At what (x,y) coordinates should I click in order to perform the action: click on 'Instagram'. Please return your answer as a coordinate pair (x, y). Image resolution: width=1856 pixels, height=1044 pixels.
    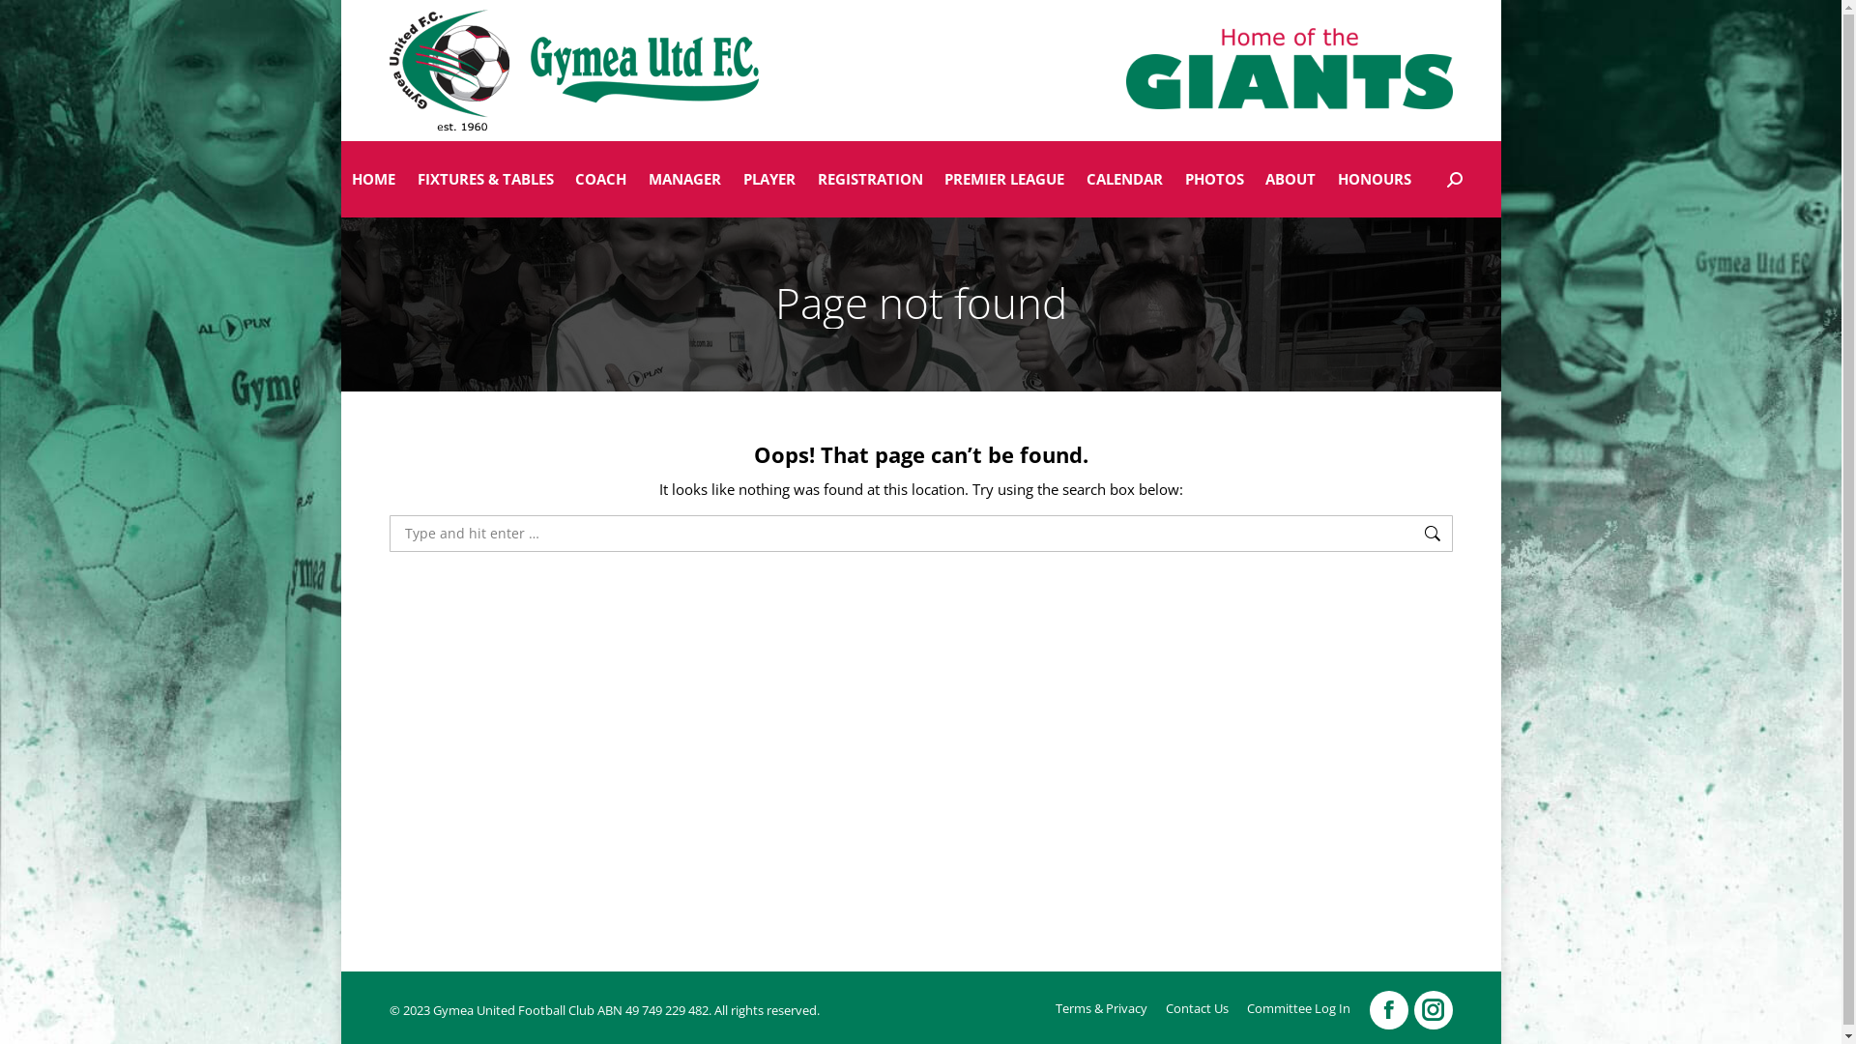
    Looking at the image, I should click on (1433, 1009).